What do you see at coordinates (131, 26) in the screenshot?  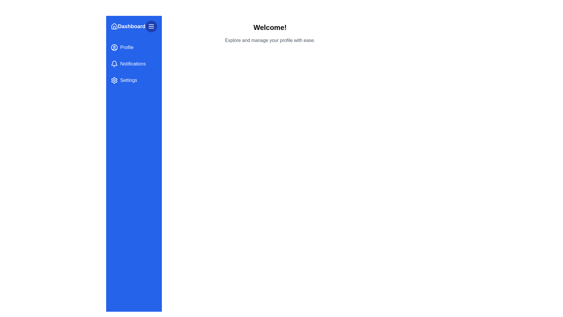 I see `the 'Dashboard' label, which is prominently displayed in white text on a blue background, located near the top left corner of the interface` at bounding box center [131, 26].